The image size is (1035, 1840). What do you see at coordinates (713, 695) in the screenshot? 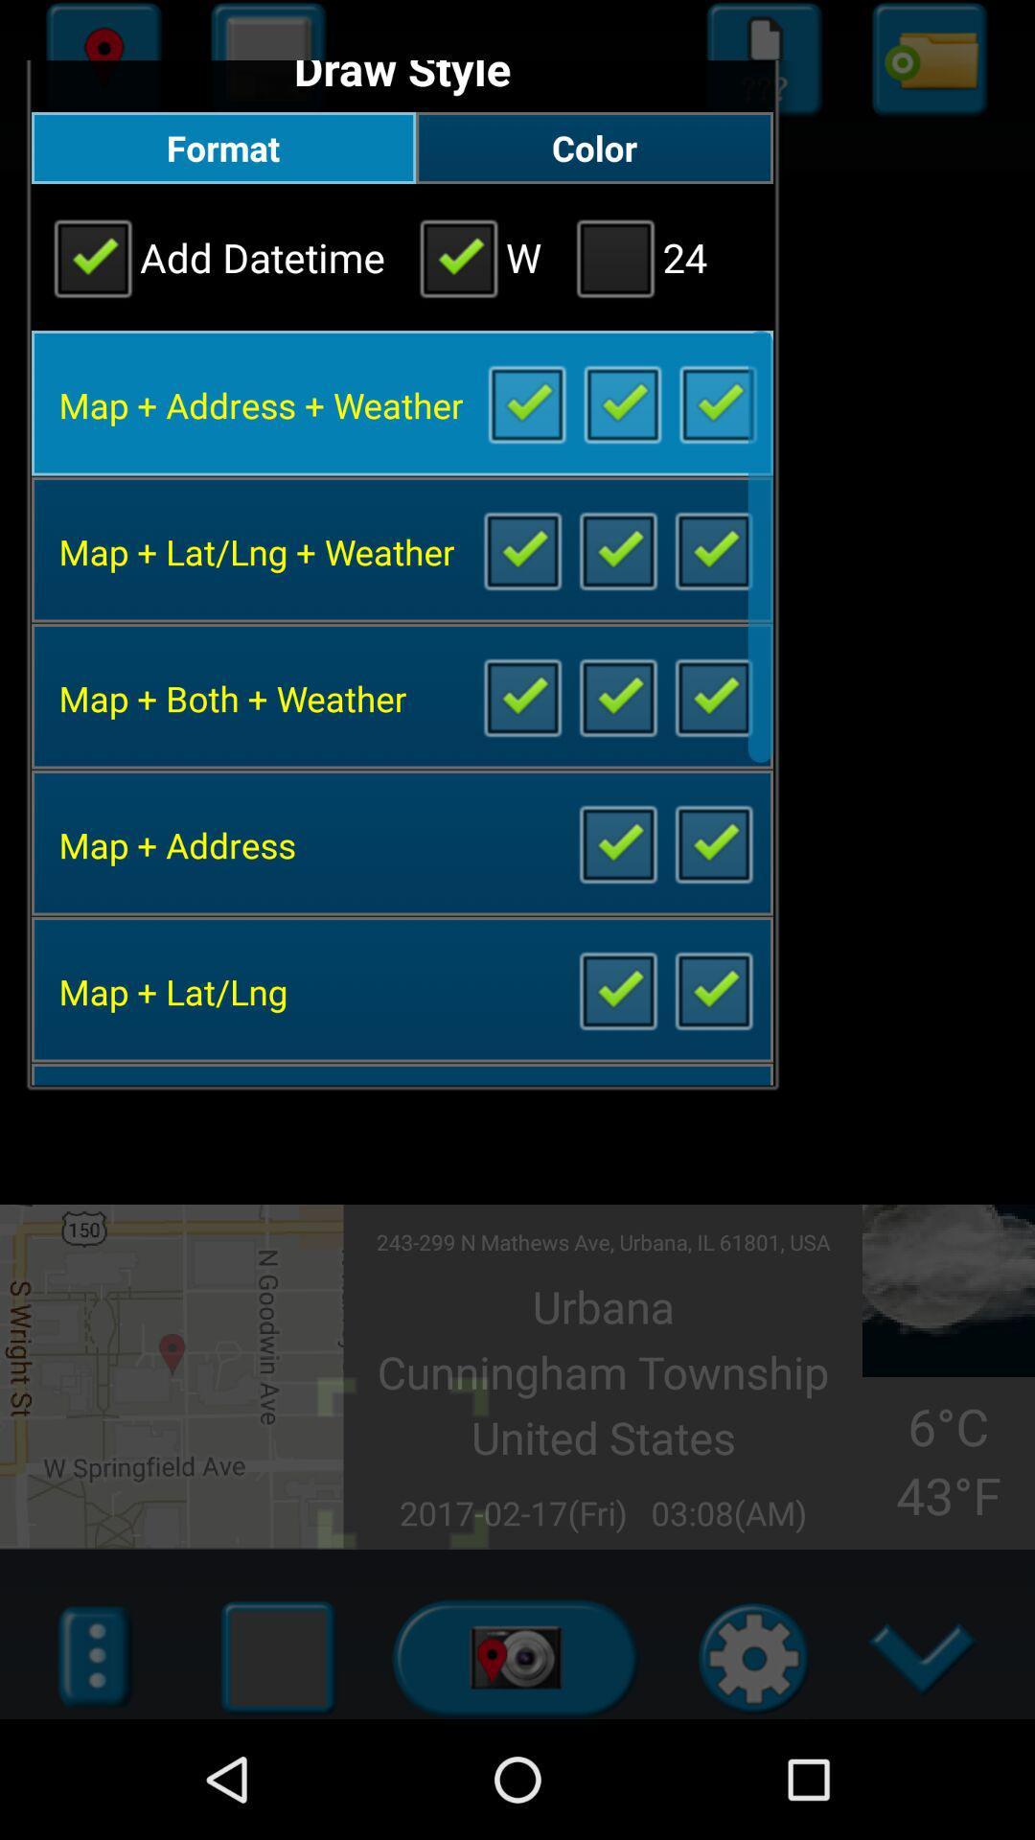
I see `choice to see weather` at bounding box center [713, 695].